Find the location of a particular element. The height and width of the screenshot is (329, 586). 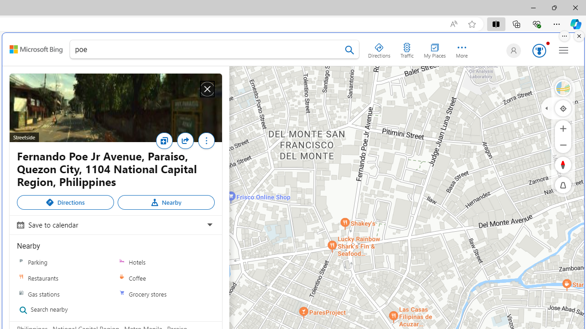

'Search nearby' is located at coordinates (62, 309).